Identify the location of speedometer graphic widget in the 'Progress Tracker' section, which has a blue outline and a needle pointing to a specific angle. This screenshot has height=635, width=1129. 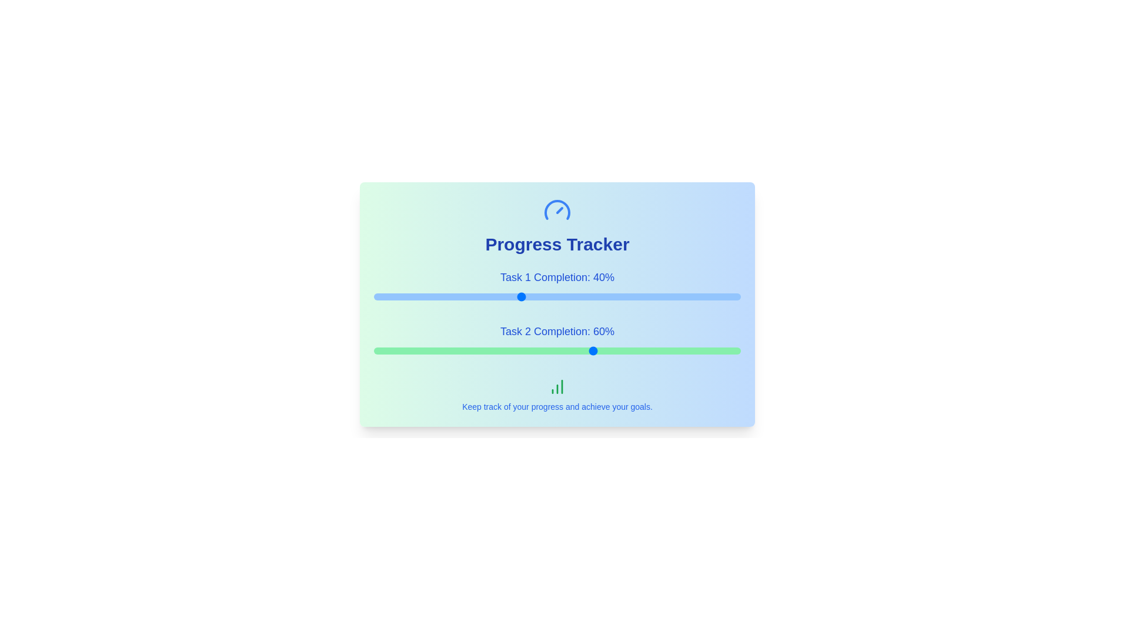
(557, 210).